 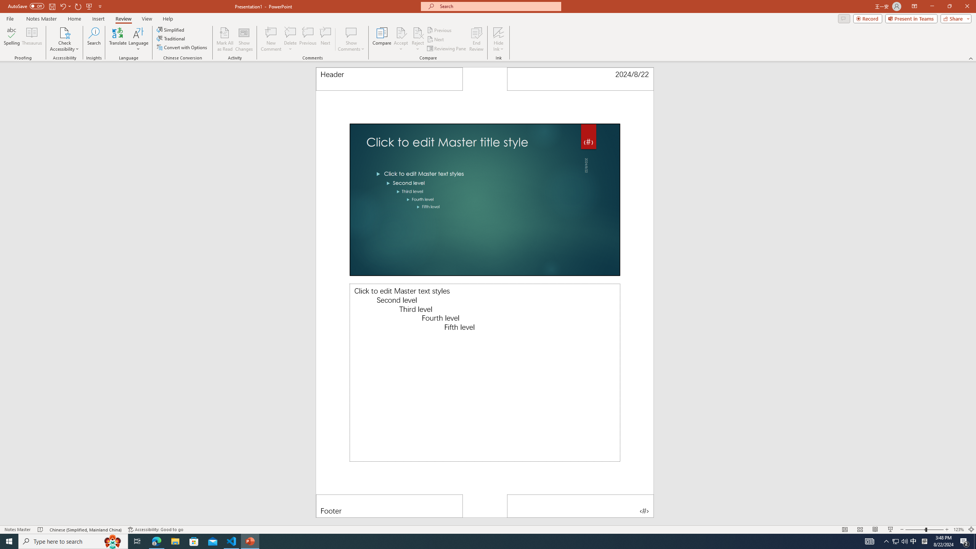 What do you see at coordinates (401, 39) in the screenshot?
I see `'Accept'` at bounding box center [401, 39].